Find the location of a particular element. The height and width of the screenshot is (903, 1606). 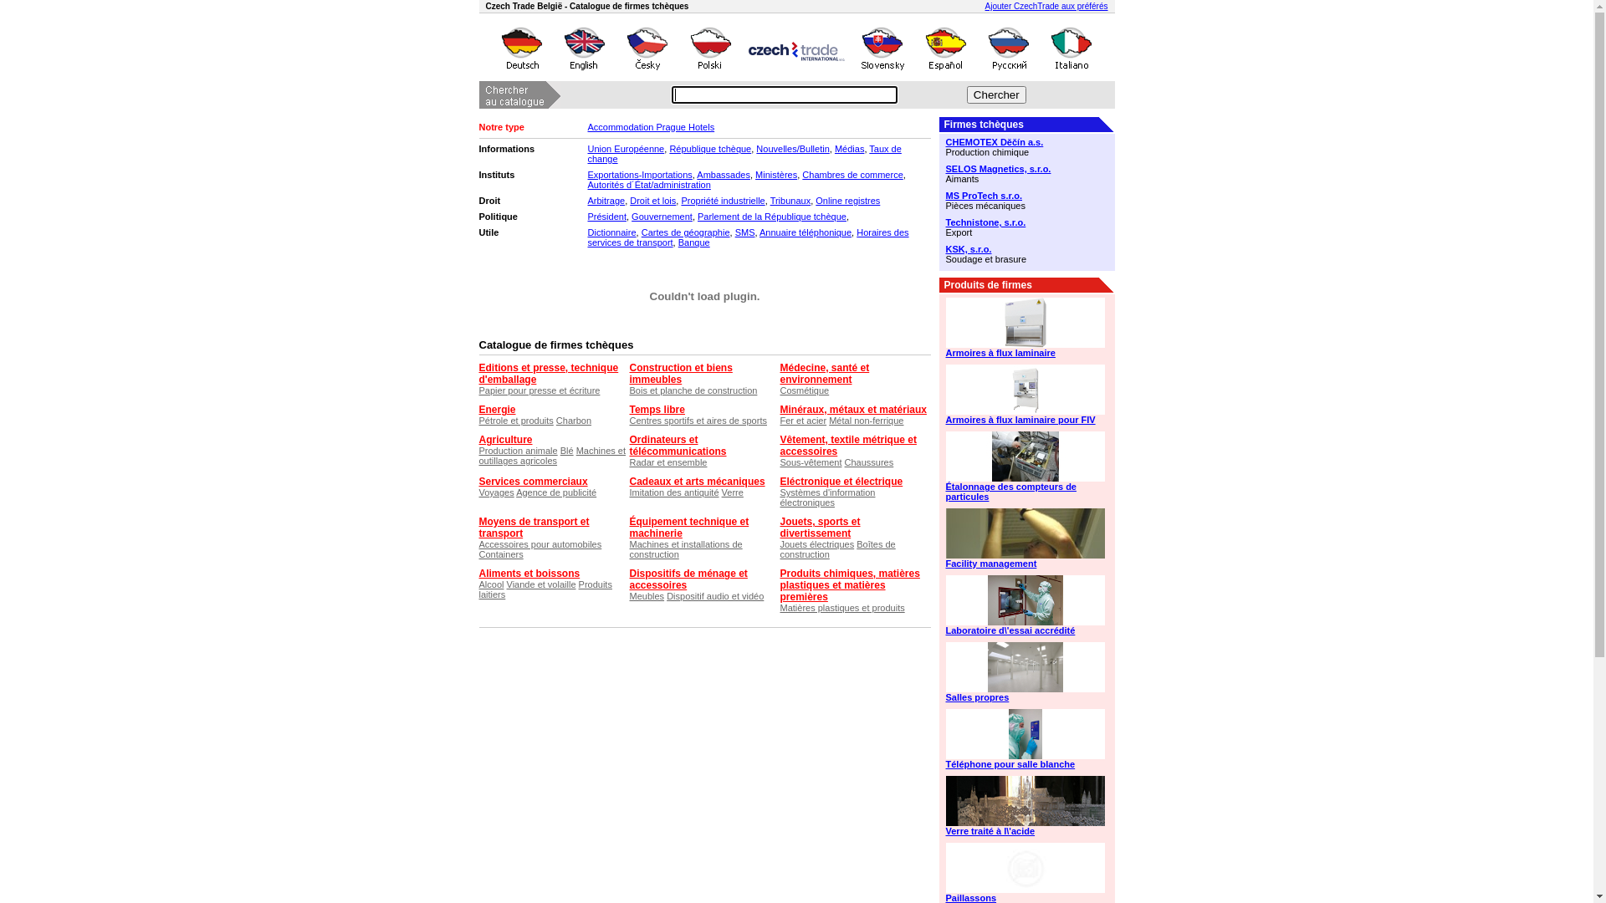

'Machines et installations de construction' is located at coordinates (685, 548).